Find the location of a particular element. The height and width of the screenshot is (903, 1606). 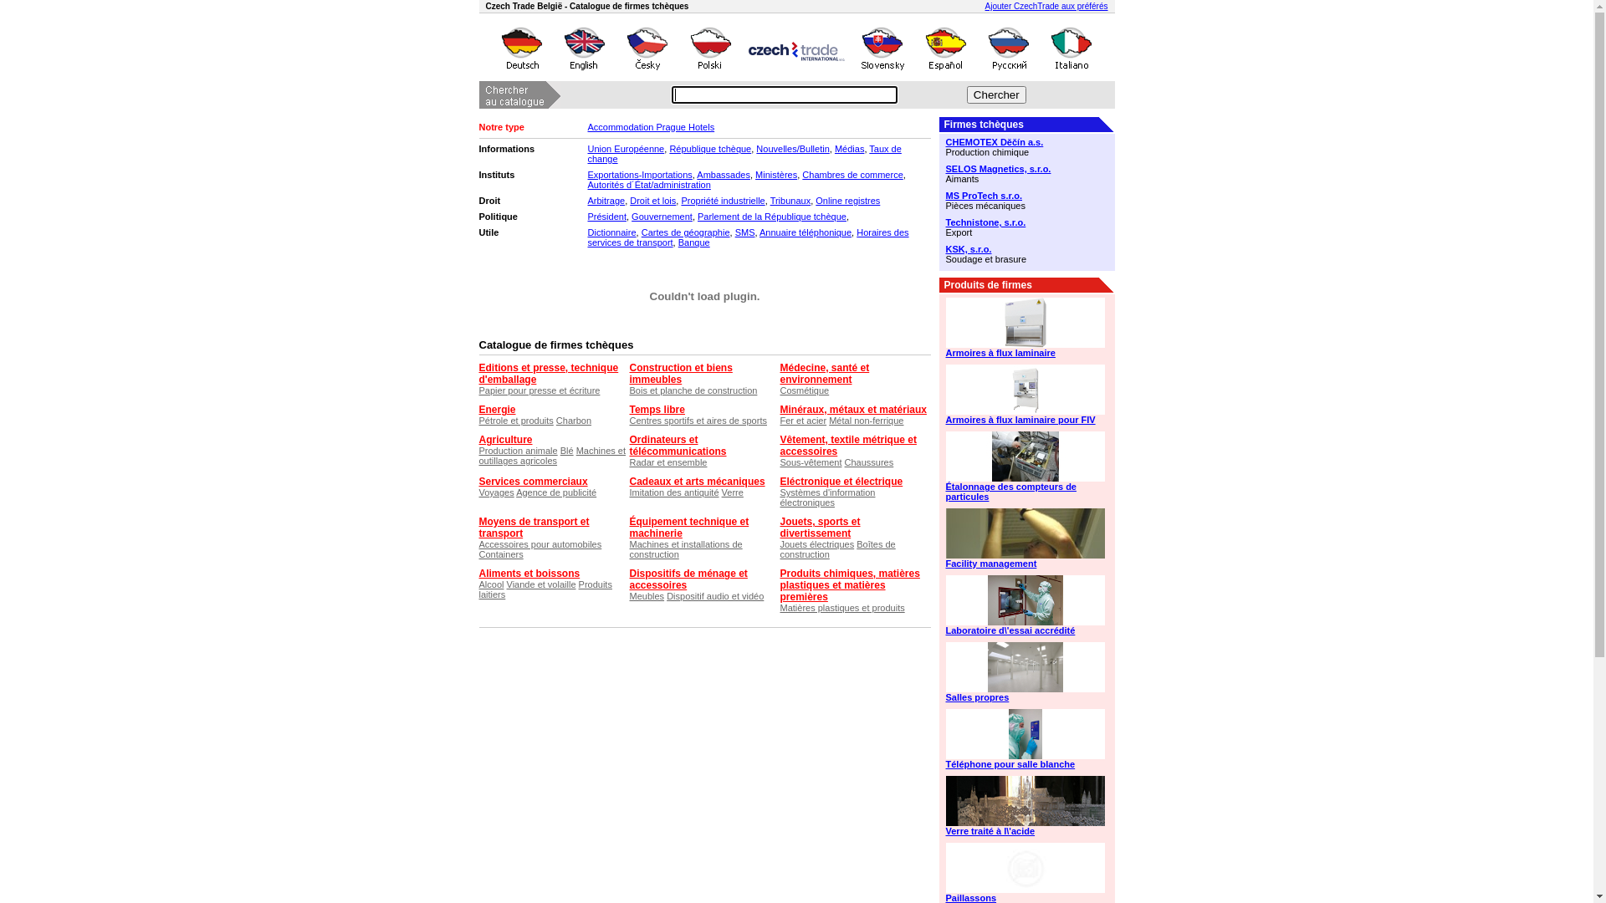

'Machines et installations de construction' is located at coordinates (685, 548).